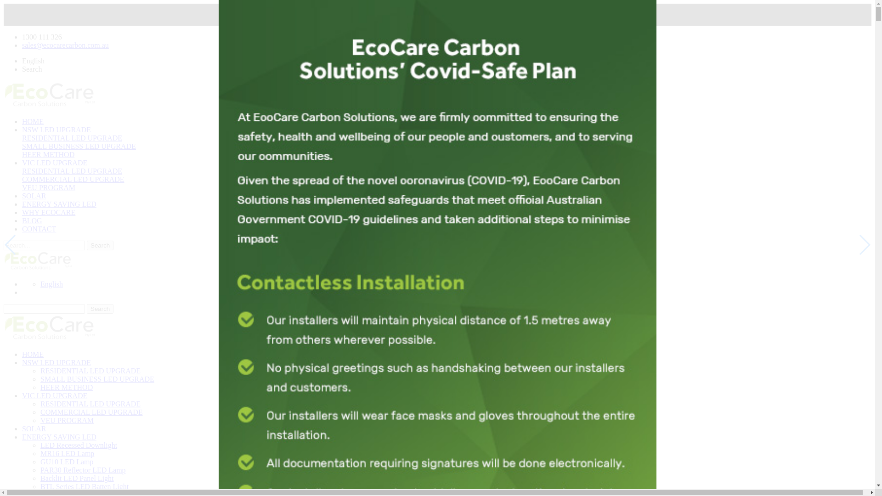  I want to click on 'BTL Series LED Batten Light', so click(84, 486).